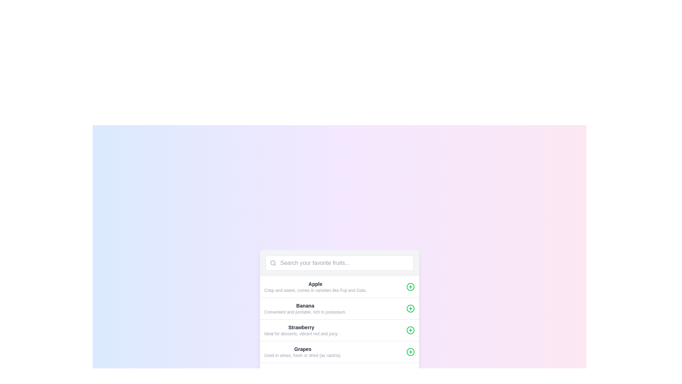 This screenshot has height=384, width=682. Describe the element at coordinates (411, 352) in the screenshot. I see `the circular green outlined button with a plus symbol, located to the far right of the 'Grapes' row` at that location.